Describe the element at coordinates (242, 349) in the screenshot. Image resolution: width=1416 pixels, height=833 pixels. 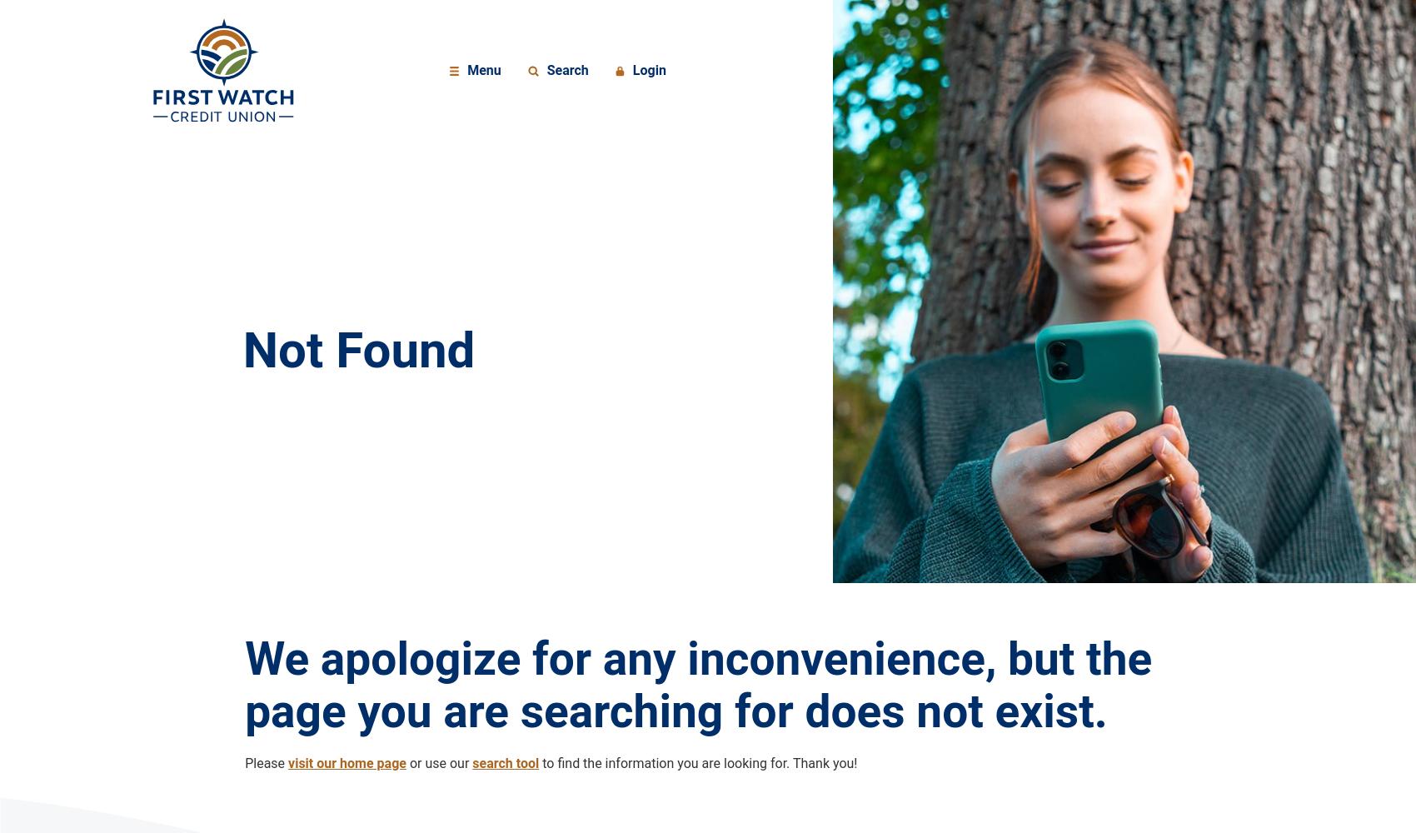
I see `'Not Found'` at that location.